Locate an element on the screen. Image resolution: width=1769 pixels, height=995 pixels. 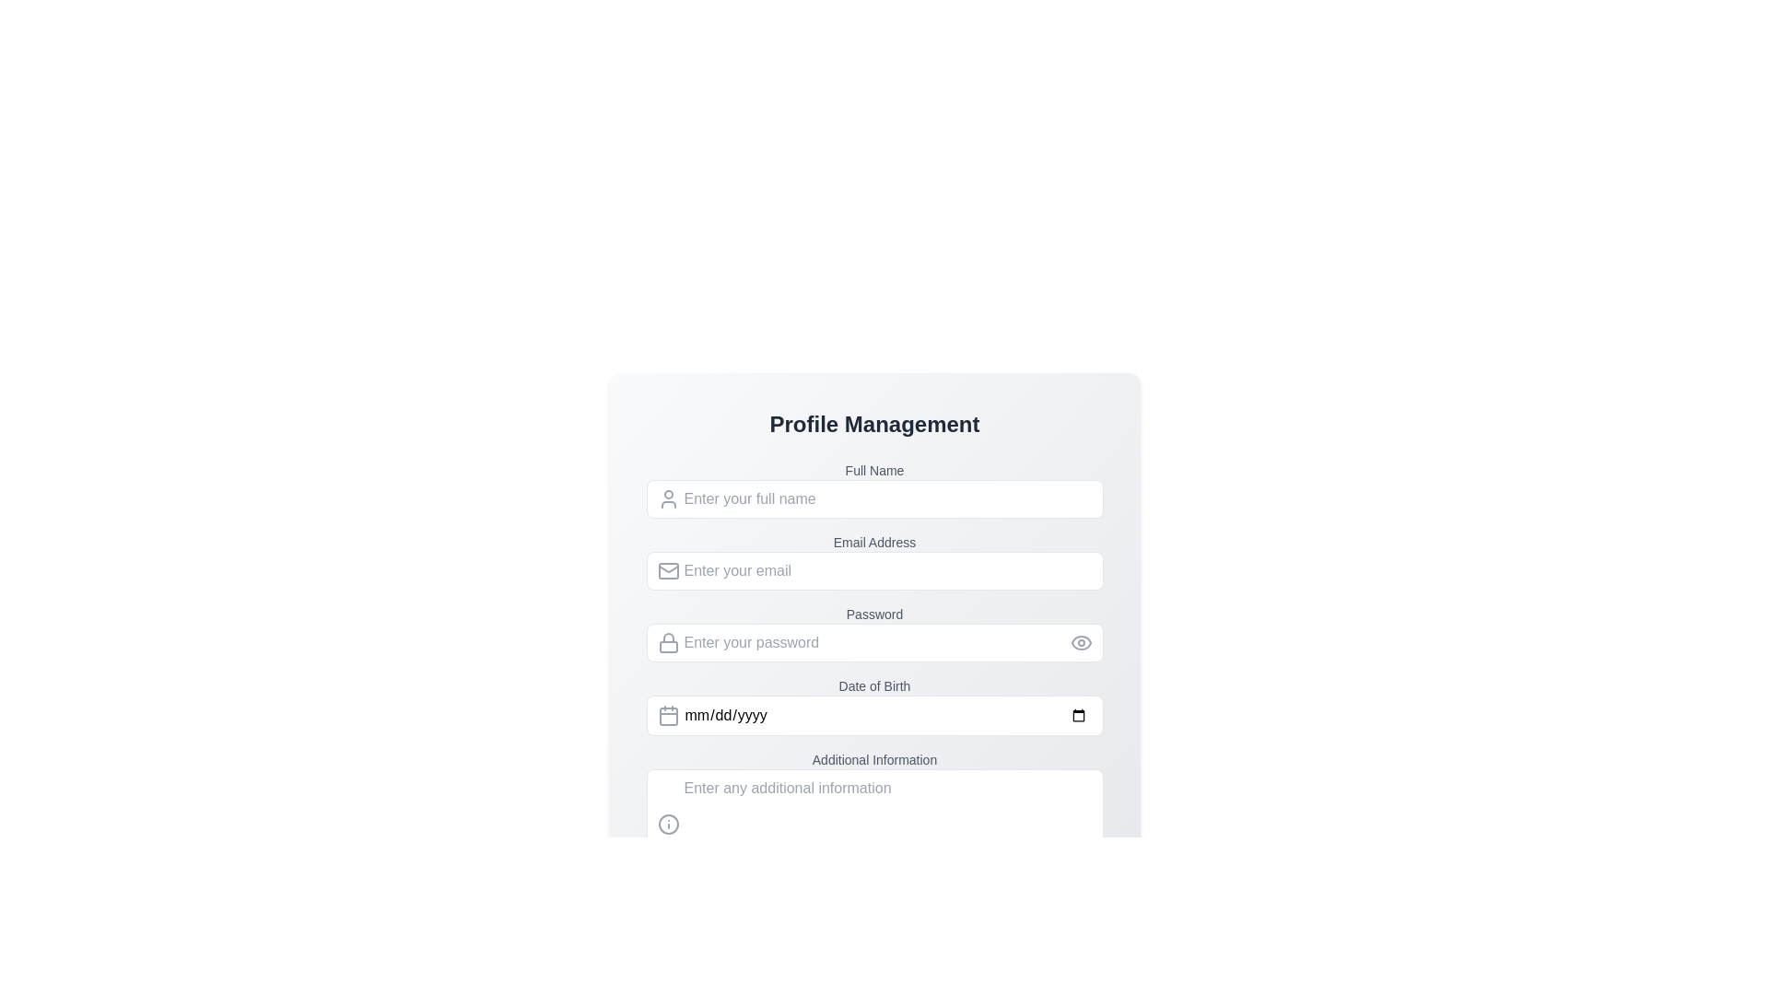
the gray eye icon located at the top-right corner of the password input field is located at coordinates (1081, 642).